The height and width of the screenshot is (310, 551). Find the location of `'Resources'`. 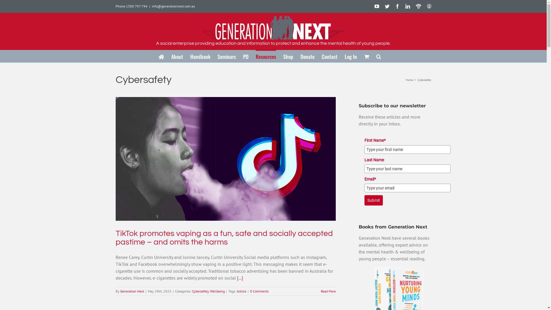

'Resources' is located at coordinates (265, 56).